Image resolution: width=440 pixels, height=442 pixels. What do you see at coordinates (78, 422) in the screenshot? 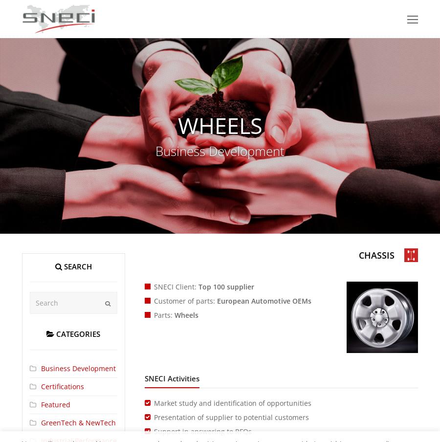
I see `'GreenTech & NewTech'` at bounding box center [78, 422].